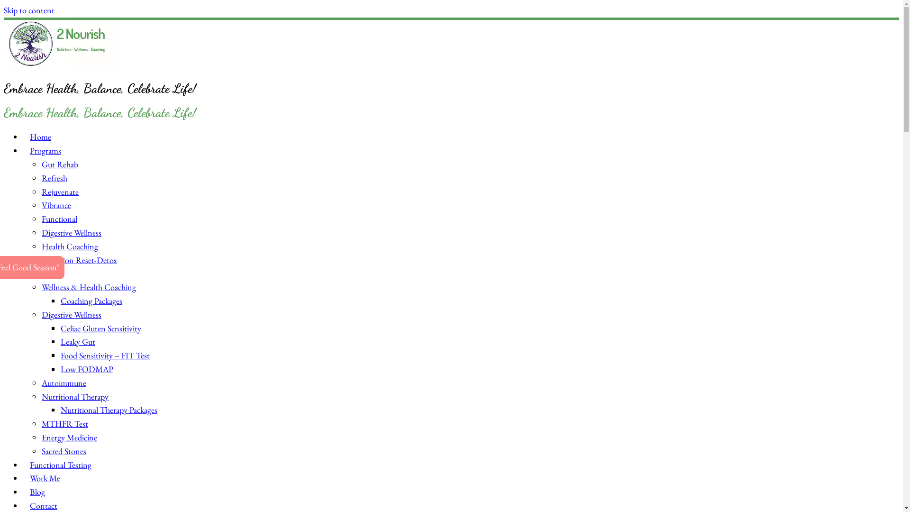 The image size is (910, 512). Describe the element at coordinates (45, 150) in the screenshot. I see `'Programs'` at that location.